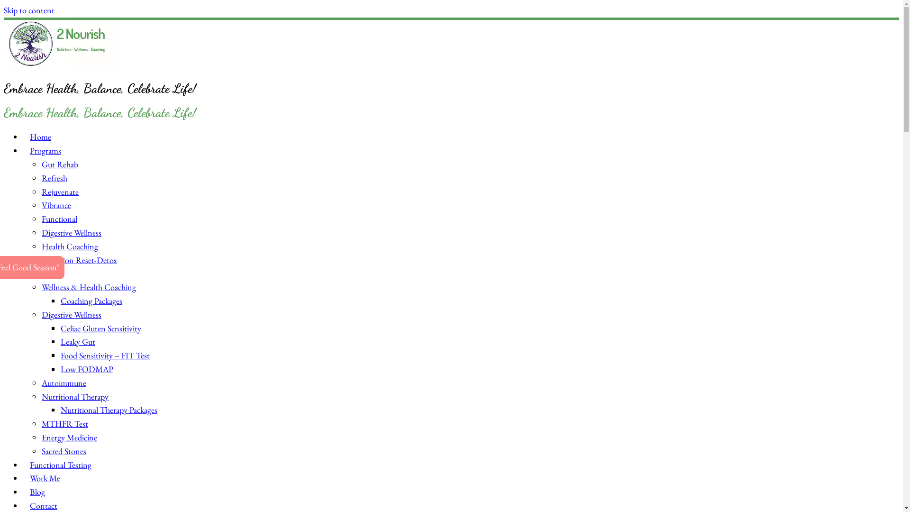 The image size is (910, 512). Describe the element at coordinates (45, 150) in the screenshot. I see `'Programs'` at that location.